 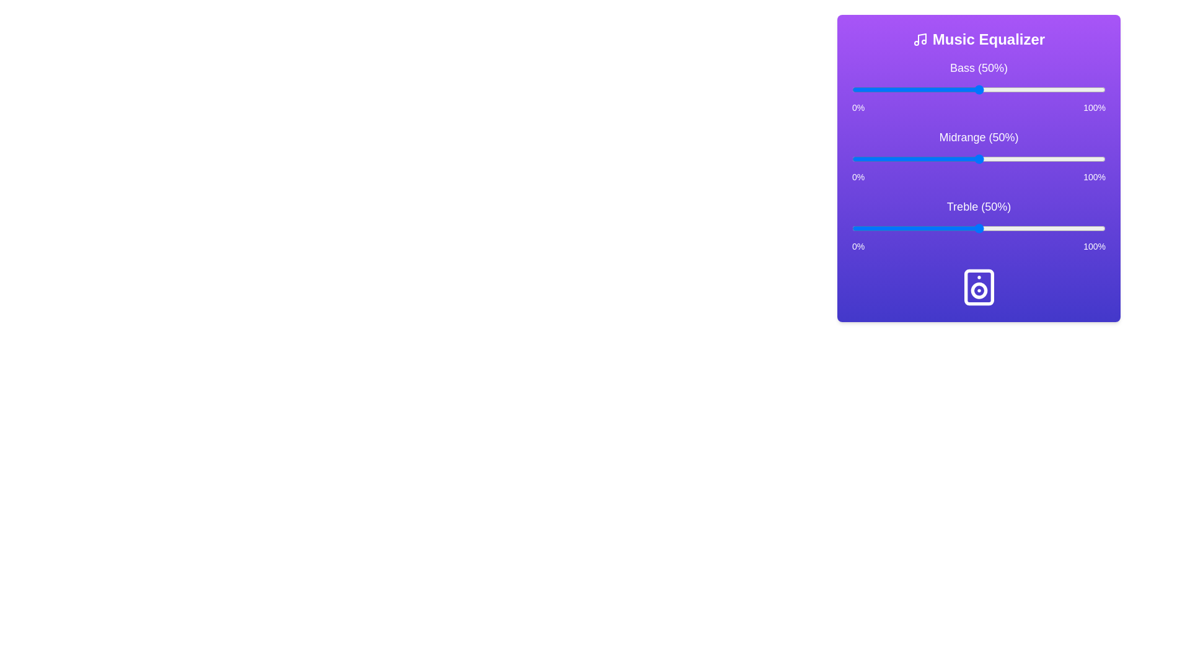 I want to click on the bass slider to 54%, so click(x=988, y=89).